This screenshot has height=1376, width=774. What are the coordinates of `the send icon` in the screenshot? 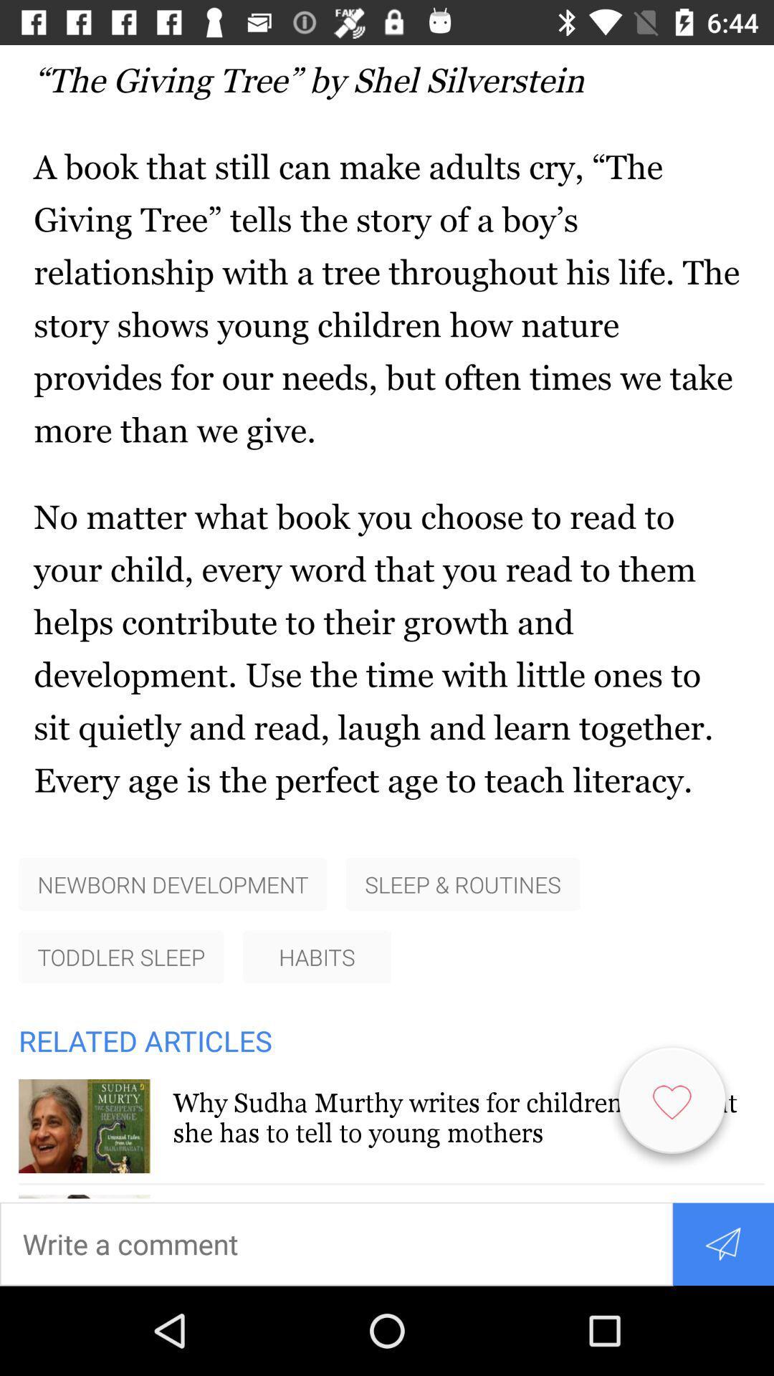 It's located at (723, 1243).